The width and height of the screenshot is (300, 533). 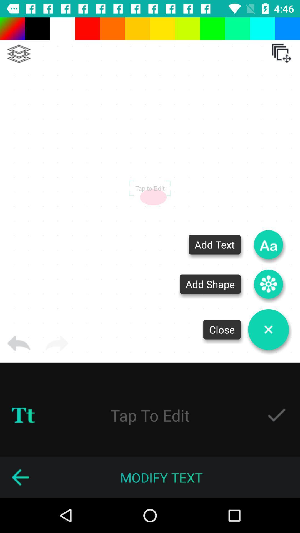 I want to click on return to text, so click(x=20, y=477).